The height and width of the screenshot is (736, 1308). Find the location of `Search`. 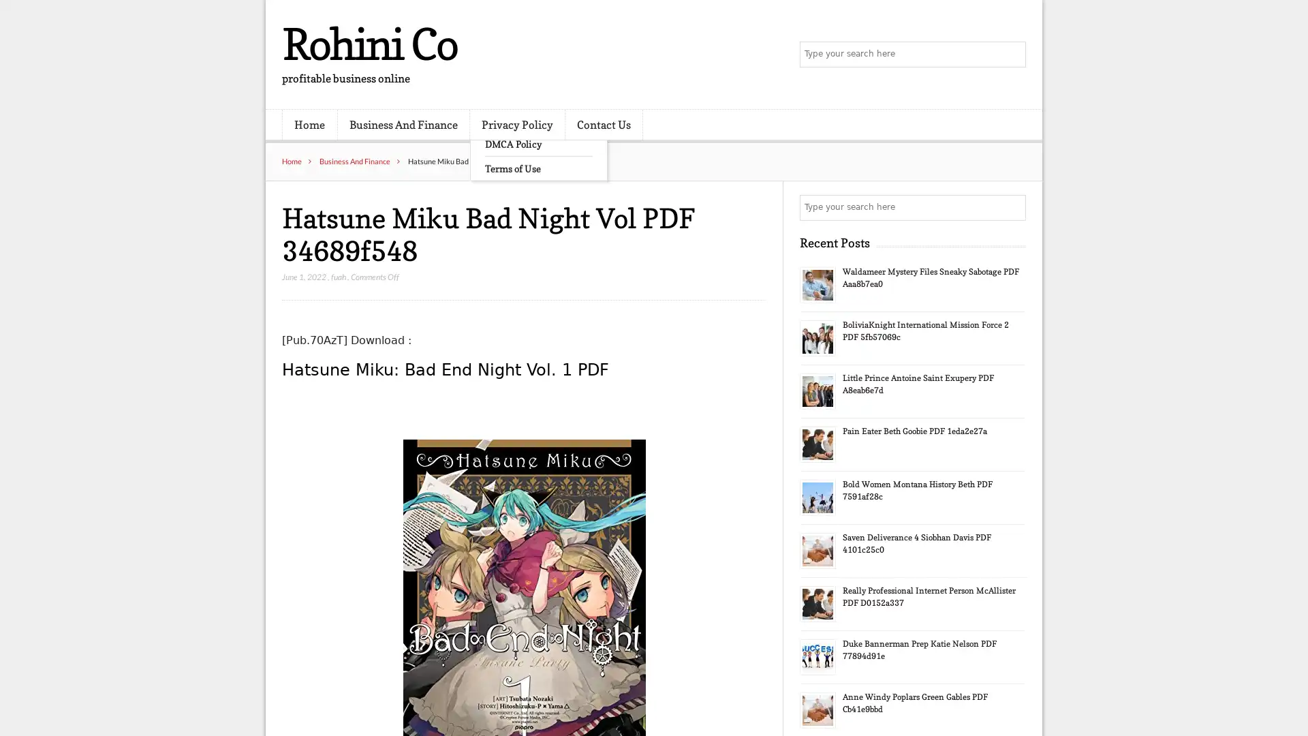

Search is located at coordinates (1012, 207).